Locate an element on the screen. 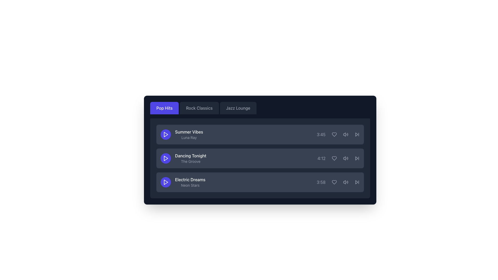 The width and height of the screenshot is (498, 280). the small triangular gray icon pointing towards the right, located at the far-right side of the song entry in the music playlist interface is located at coordinates (356, 158).